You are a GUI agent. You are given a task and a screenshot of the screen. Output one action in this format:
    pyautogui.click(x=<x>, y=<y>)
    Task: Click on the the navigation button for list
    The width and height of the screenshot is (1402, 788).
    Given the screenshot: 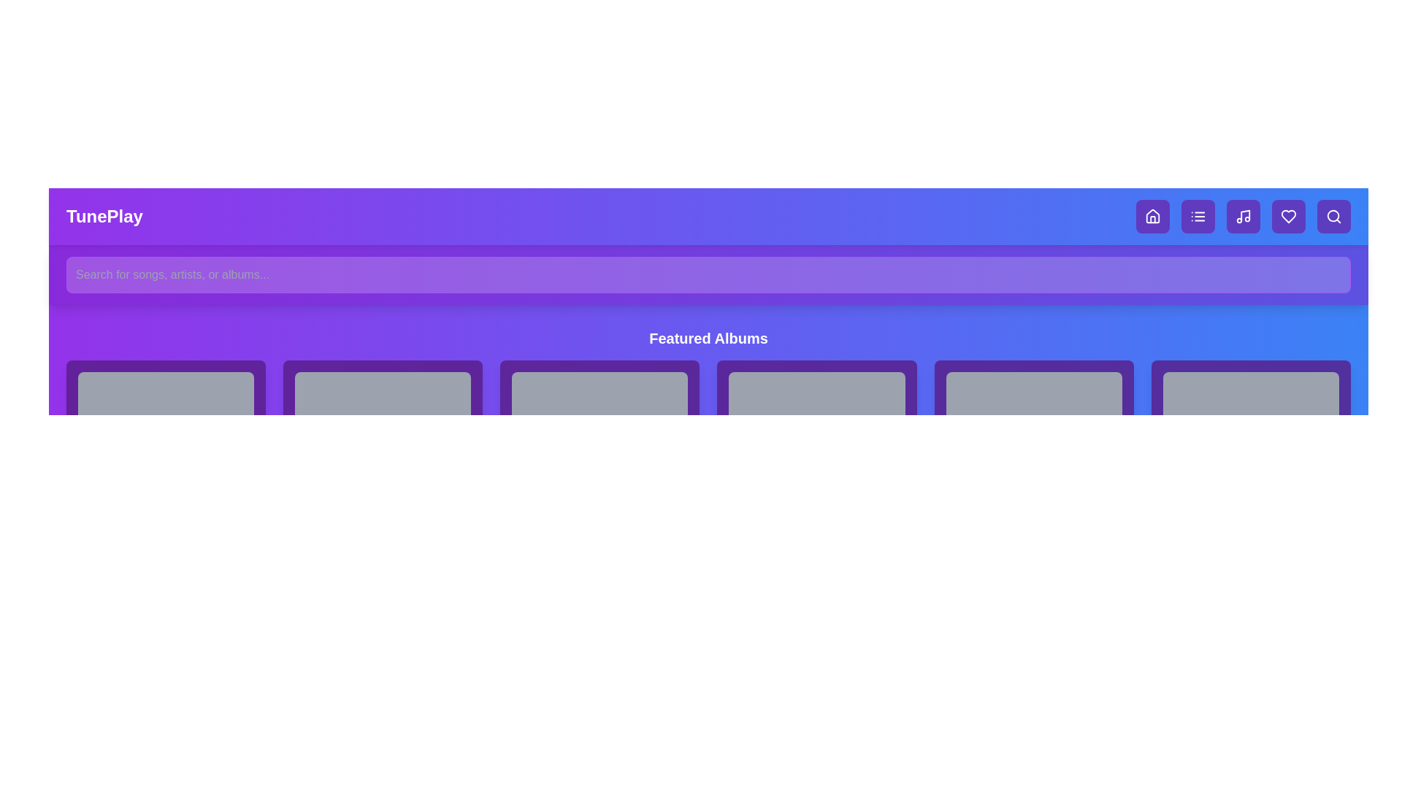 What is the action you would take?
    pyautogui.click(x=1198, y=217)
    